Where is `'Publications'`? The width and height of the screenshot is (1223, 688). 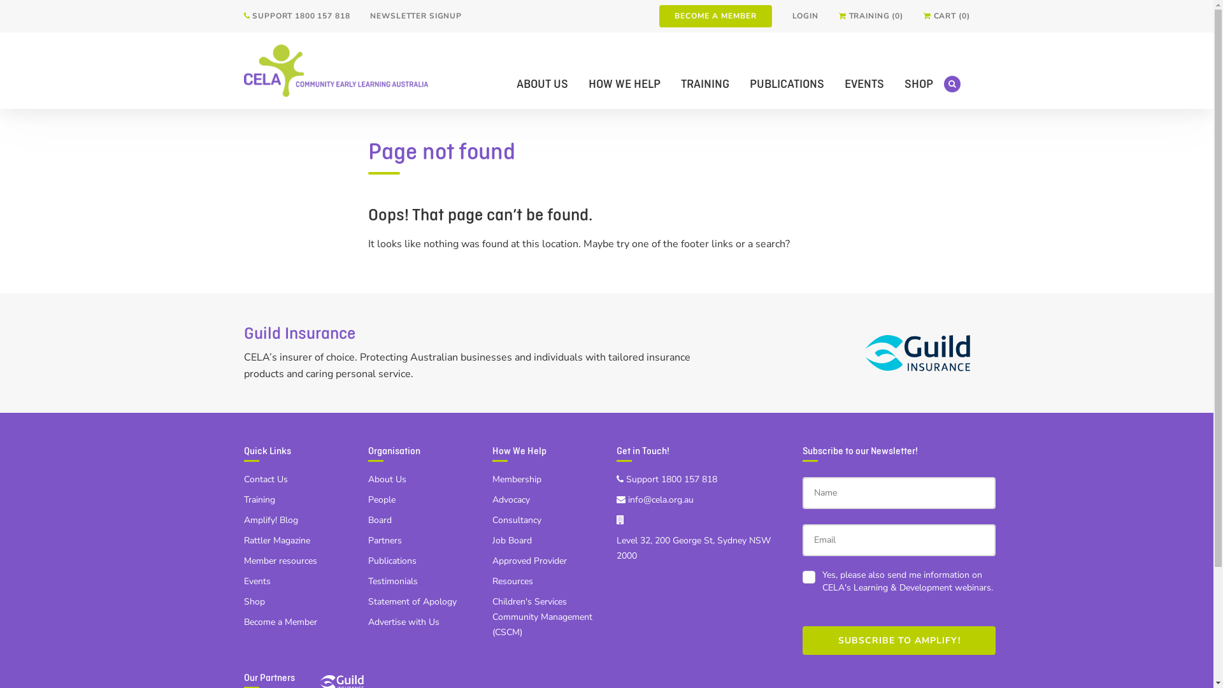 'Publications' is located at coordinates (391, 560).